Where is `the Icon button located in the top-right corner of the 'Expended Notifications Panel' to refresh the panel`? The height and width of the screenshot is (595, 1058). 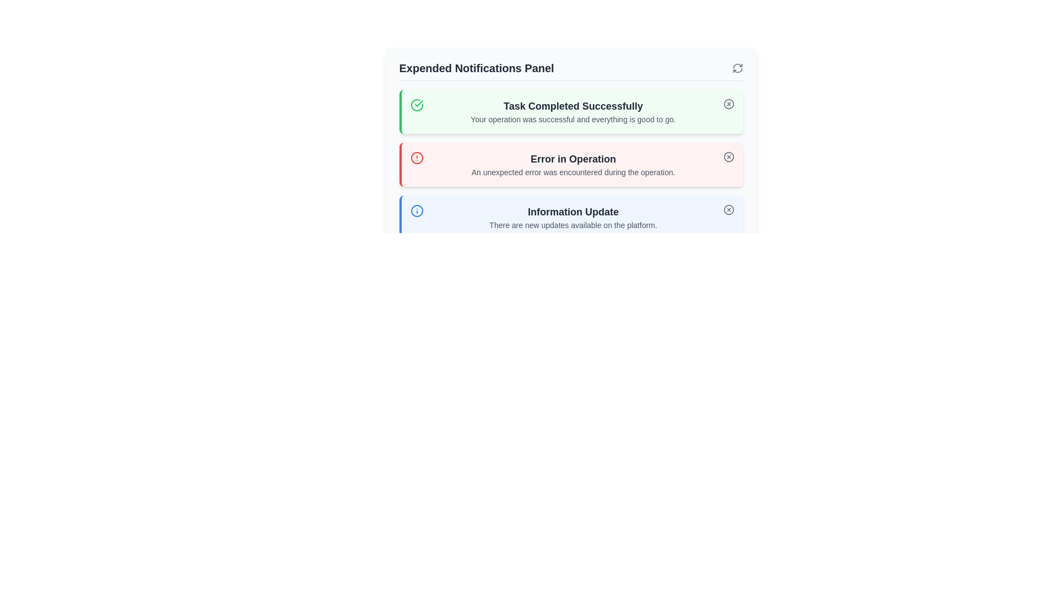
the Icon button located in the top-right corner of the 'Expended Notifications Panel' to refresh the panel is located at coordinates (737, 68).